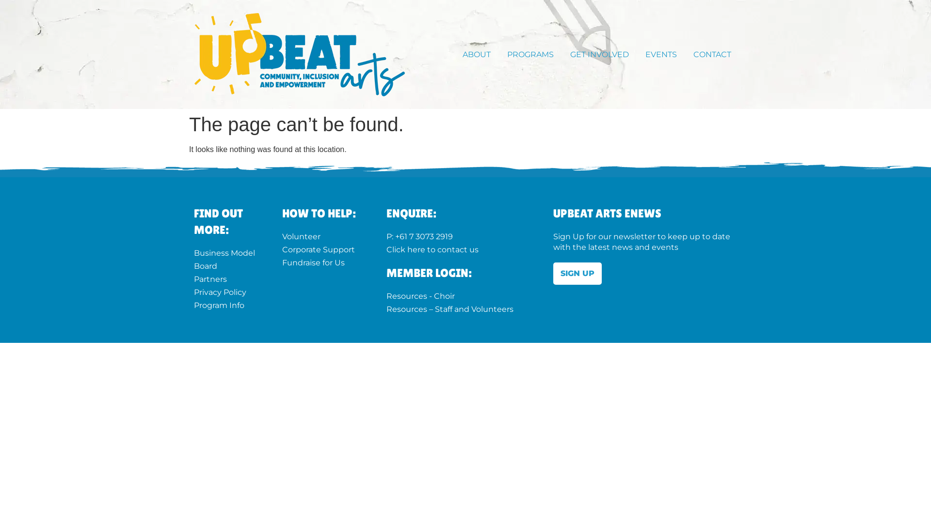 This screenshot has width=931, height=523. Describe the element at coordinates (663, 54) in the screenshot. I see `'EVENTS'` at that location.